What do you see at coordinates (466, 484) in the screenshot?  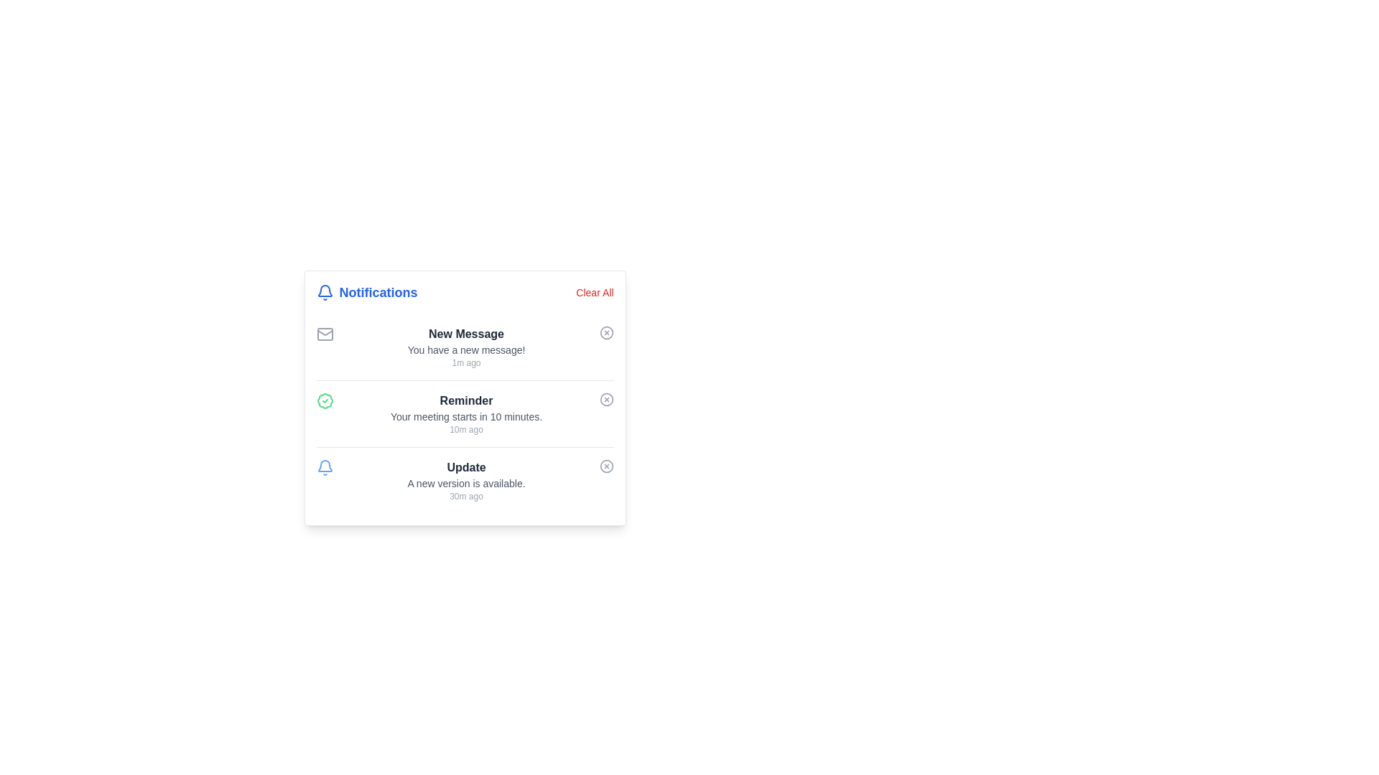 I see `the text label stating 'A new version is available.' which is styled in gray and located below the 'Update' headline in the notification card` at bounding box center [466, 484].